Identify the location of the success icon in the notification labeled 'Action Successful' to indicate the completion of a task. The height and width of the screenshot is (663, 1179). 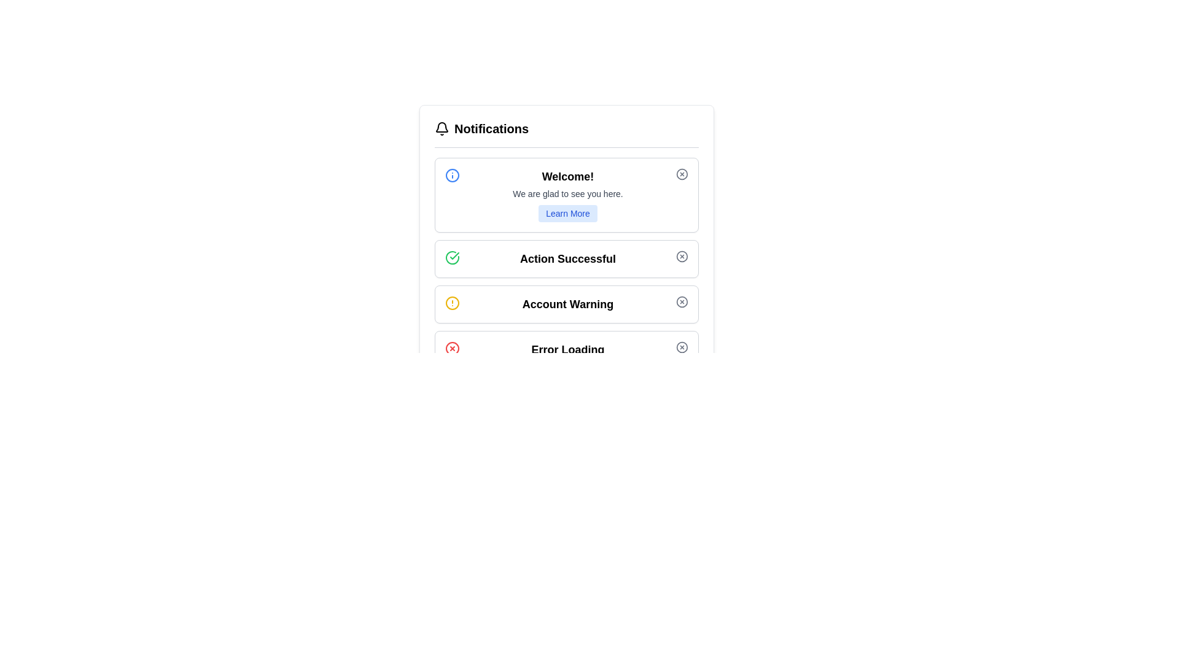
(452, 257).